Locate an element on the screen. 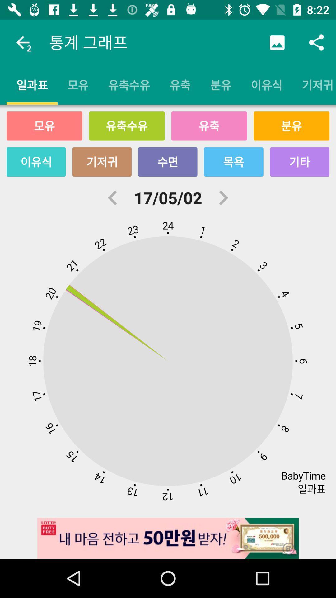 The height and width of the screenshot is (598, 336). the icon above the 17/05/02 is located at coordinates (167, 162).